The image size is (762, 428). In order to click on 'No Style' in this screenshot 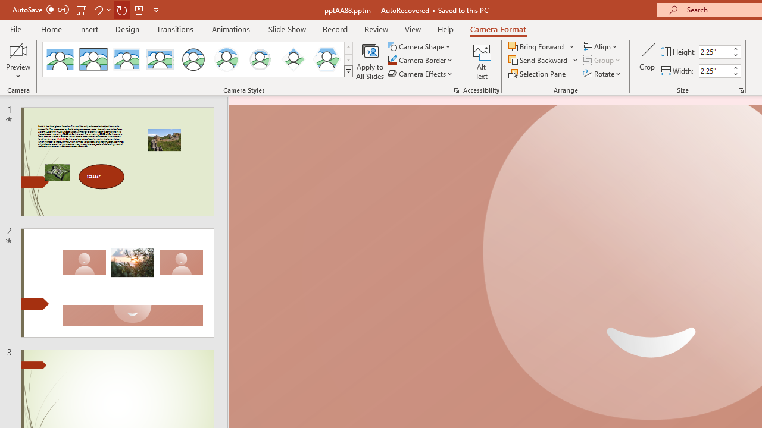, I will do `click(60, 59)`.